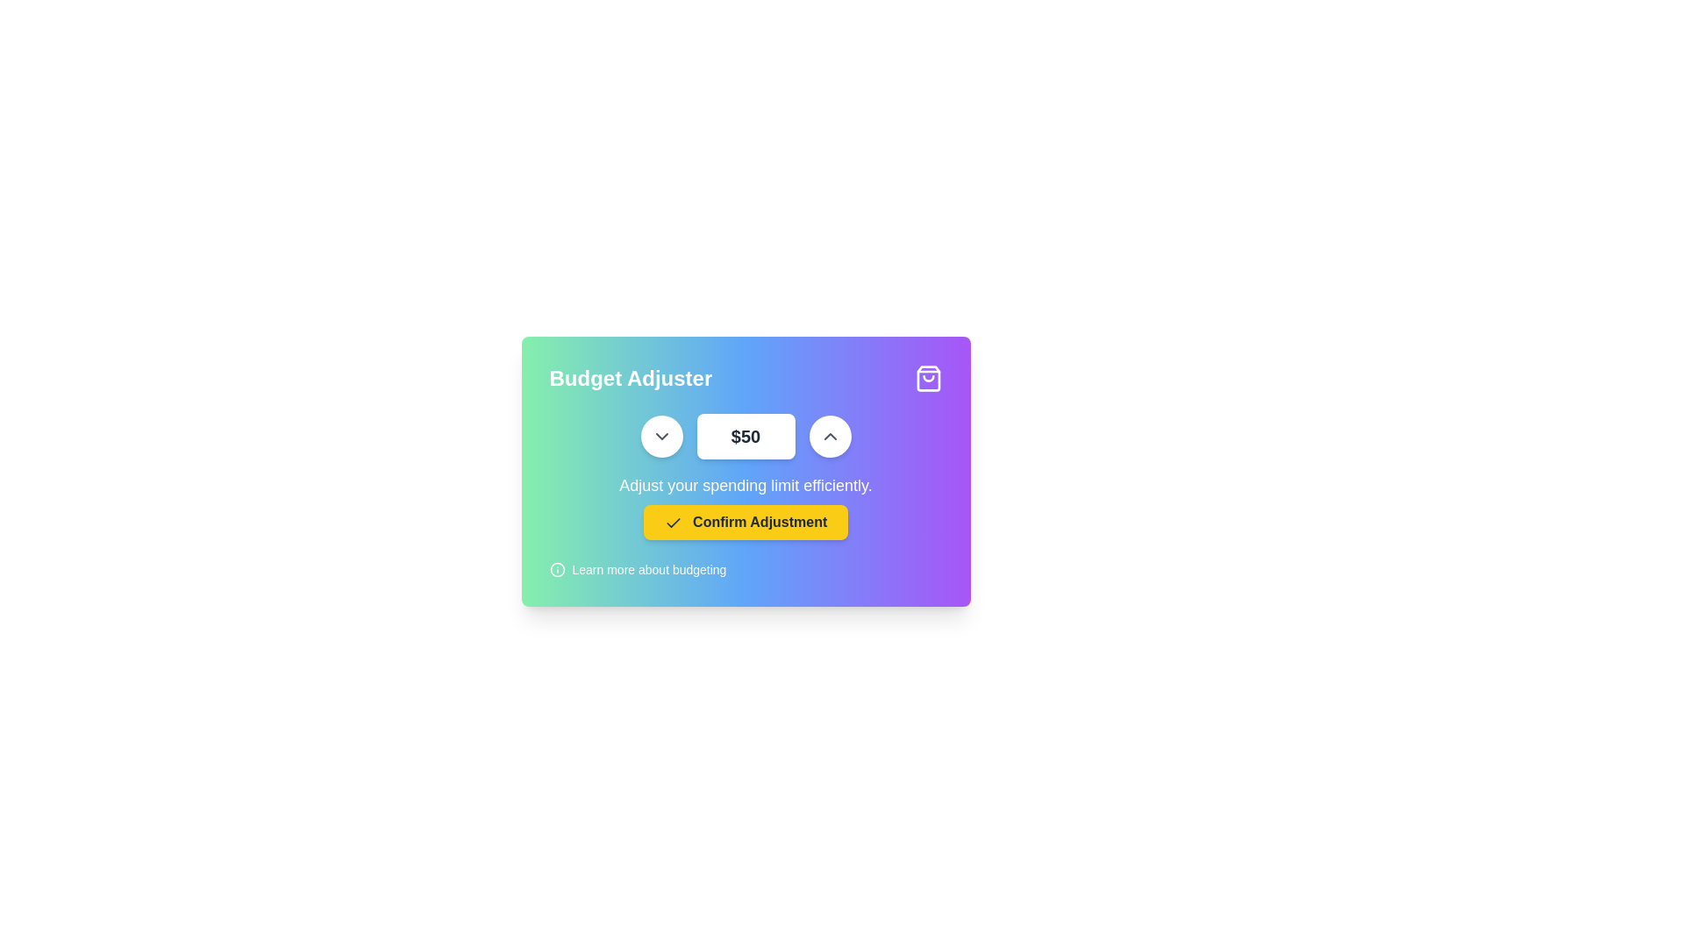  What do you see at coordinates (648, 570) in the screenshot?
I see `the text label that says 'Learn more about budgeting'` at bounding box center [648, 570].